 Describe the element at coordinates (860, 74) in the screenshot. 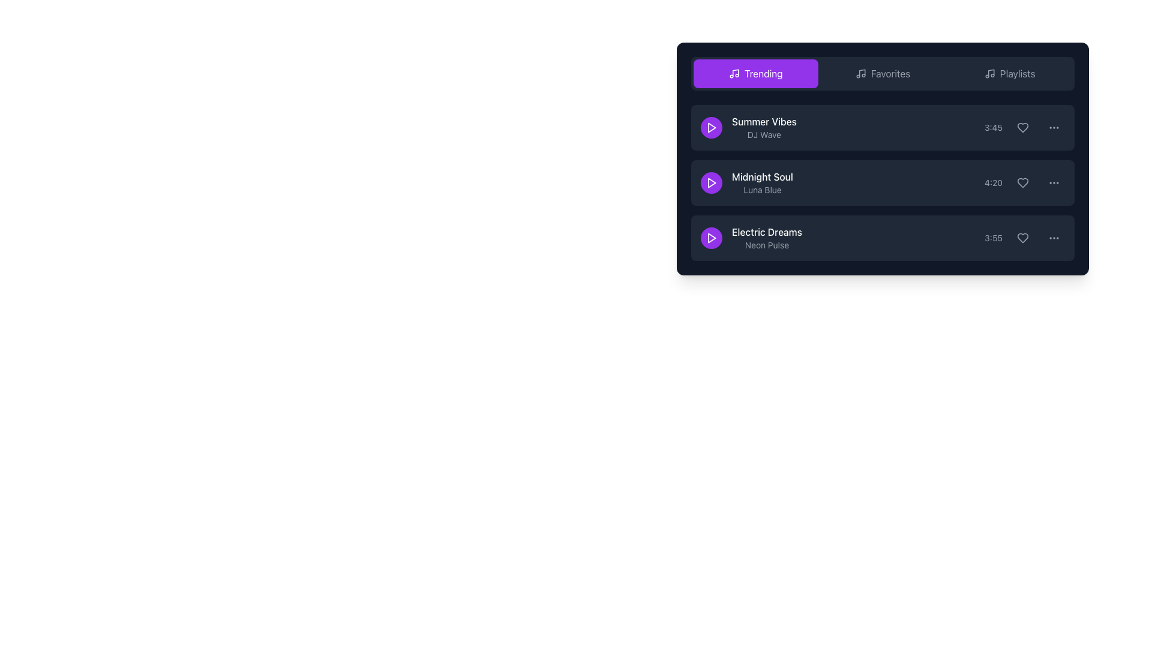

I see `the 'Favorites' icon located in the horizontal navigation bar, positioned between 'Trending' and 'Playlists'` at that location.